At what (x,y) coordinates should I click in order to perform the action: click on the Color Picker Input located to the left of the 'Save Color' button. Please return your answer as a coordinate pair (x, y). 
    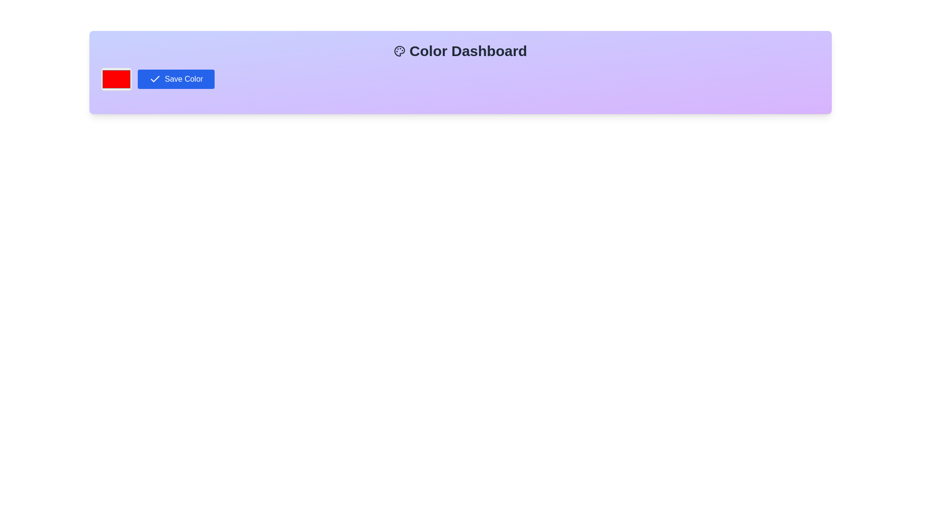
    Looking at the image, I should click on (116, 79).